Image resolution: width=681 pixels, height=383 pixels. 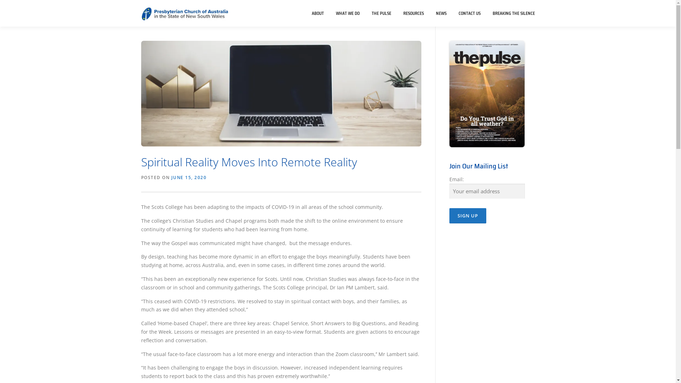 I want to click on 'RESOURCES', so click(x=414, y=13).